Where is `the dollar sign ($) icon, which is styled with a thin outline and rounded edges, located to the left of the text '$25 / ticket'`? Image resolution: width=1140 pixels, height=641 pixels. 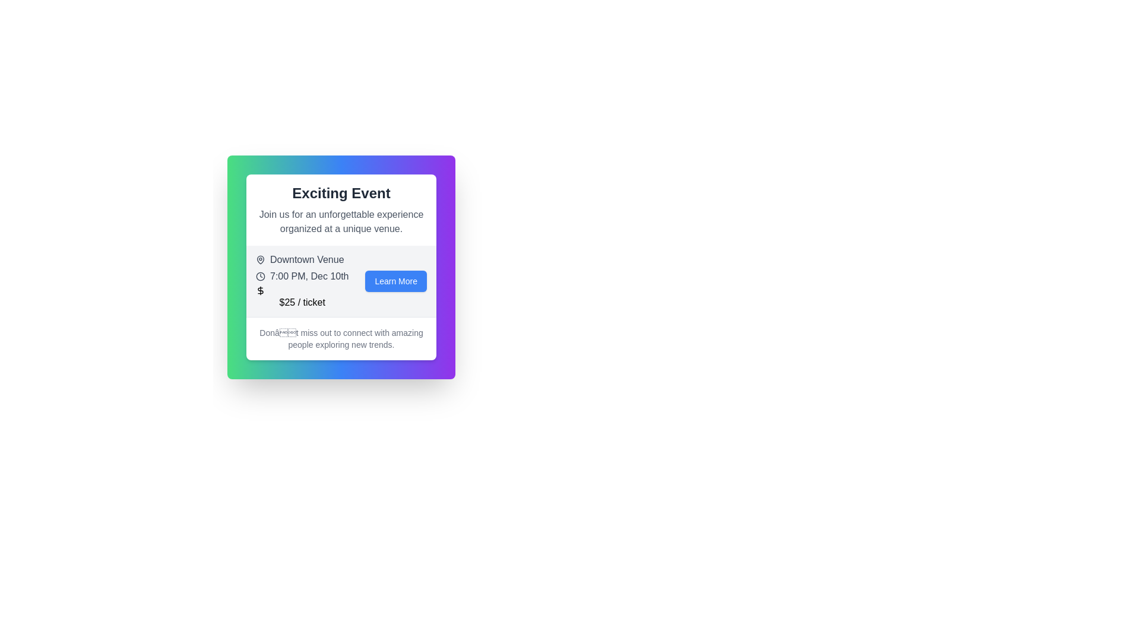 the dollar sign ($) icon, which is styled with a thin outline and rounded edges, located to the left of the text '$25 / ticket' is located at coordinates (259, 290).